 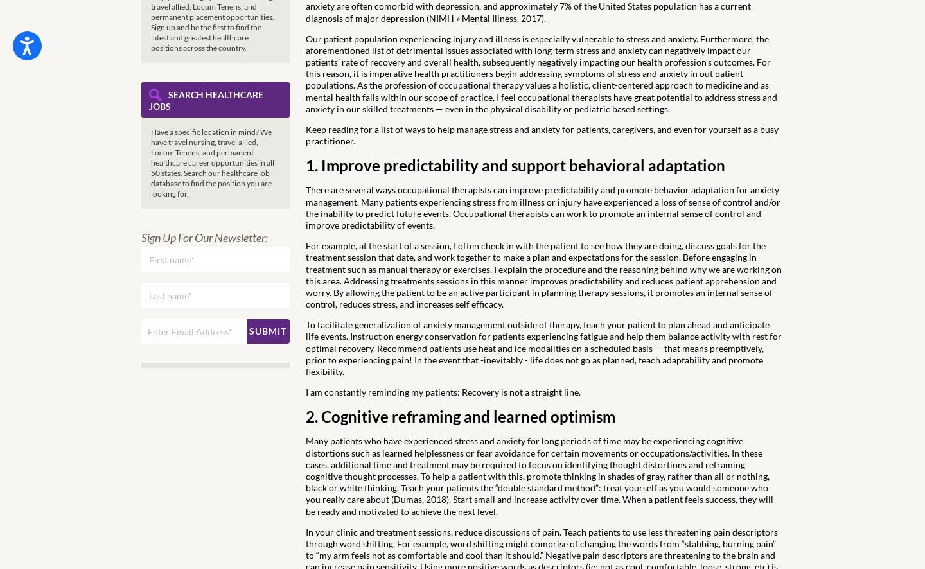 I want to click on 'There are several ways occupational therapists can improve predictability and promote behavior adaptation for anxiety management. Many patients experiencing stress from illness or injury have experienced a loss of sense of control and/or the inability to predict future events. Occupational therapists can work to promote an internal sense of control and improve predictability of events.', so click(x=306, y=206).